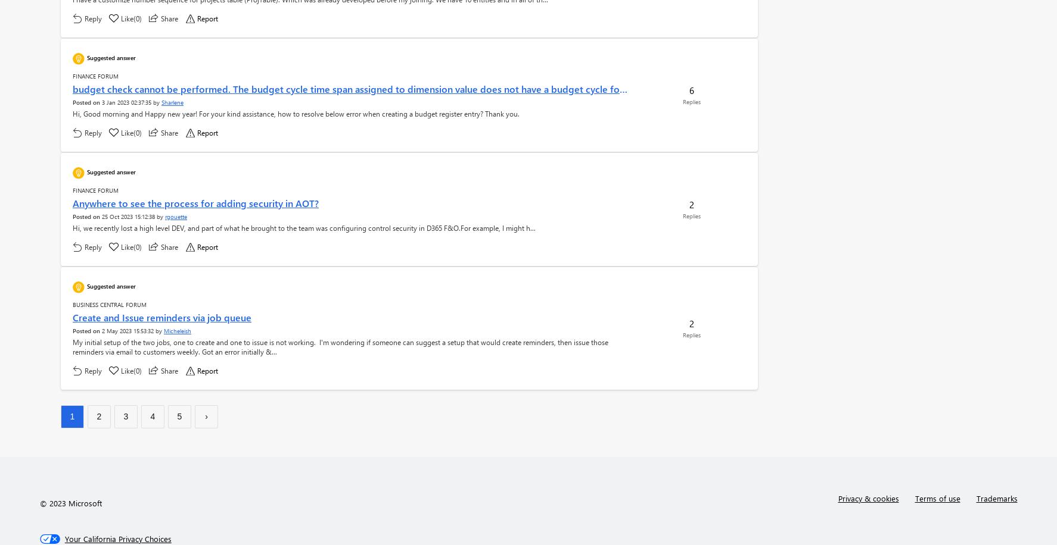 Image resolution: width=1057 pixels, height=545 pixels. Describe the element at coordinates (117, 538) in the screenshot. I see `'Your California Privacy Choices'` at that location.